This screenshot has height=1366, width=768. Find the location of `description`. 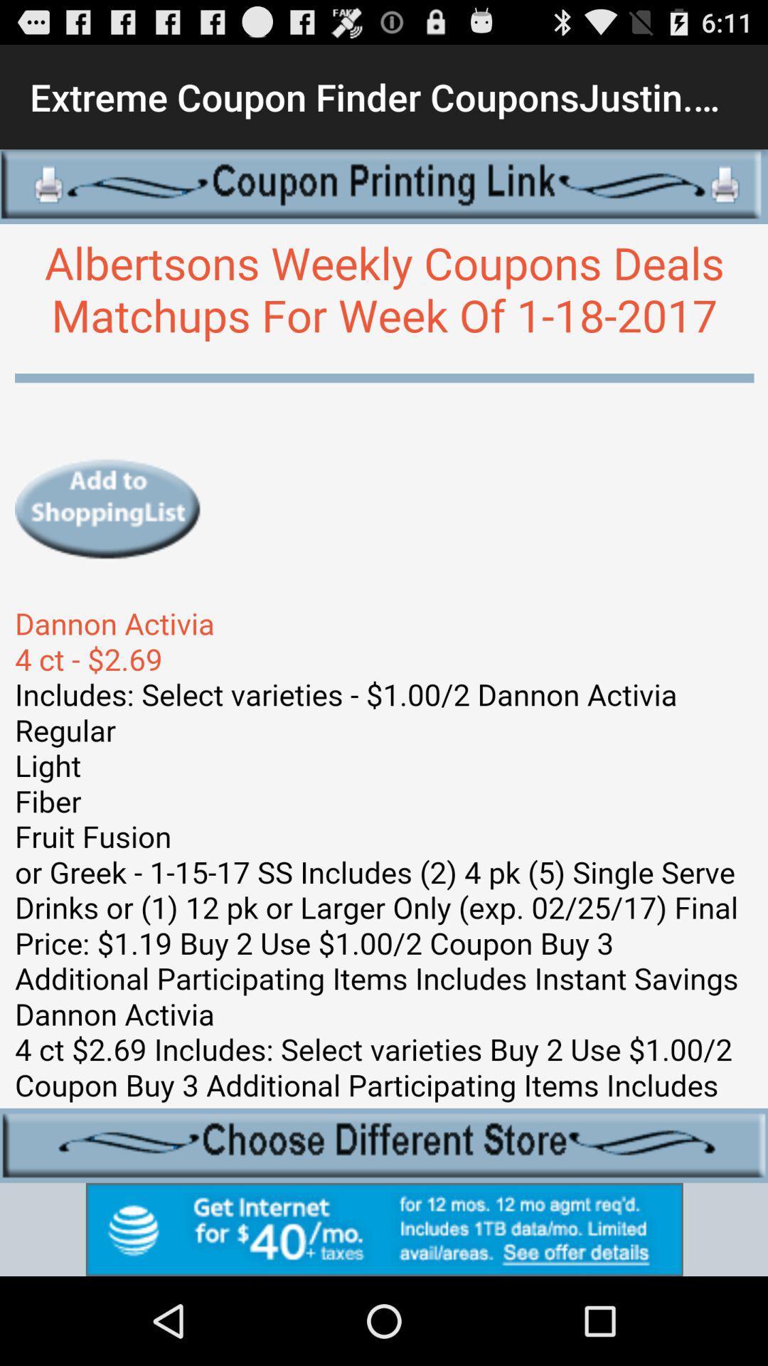

description is located at coordinates (384, 665).